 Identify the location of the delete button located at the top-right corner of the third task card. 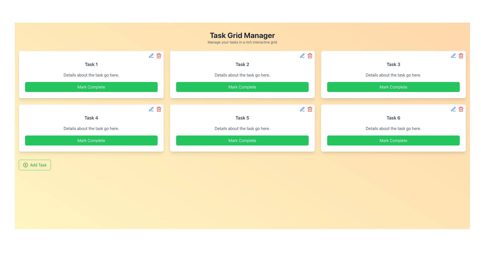
(461, 56).